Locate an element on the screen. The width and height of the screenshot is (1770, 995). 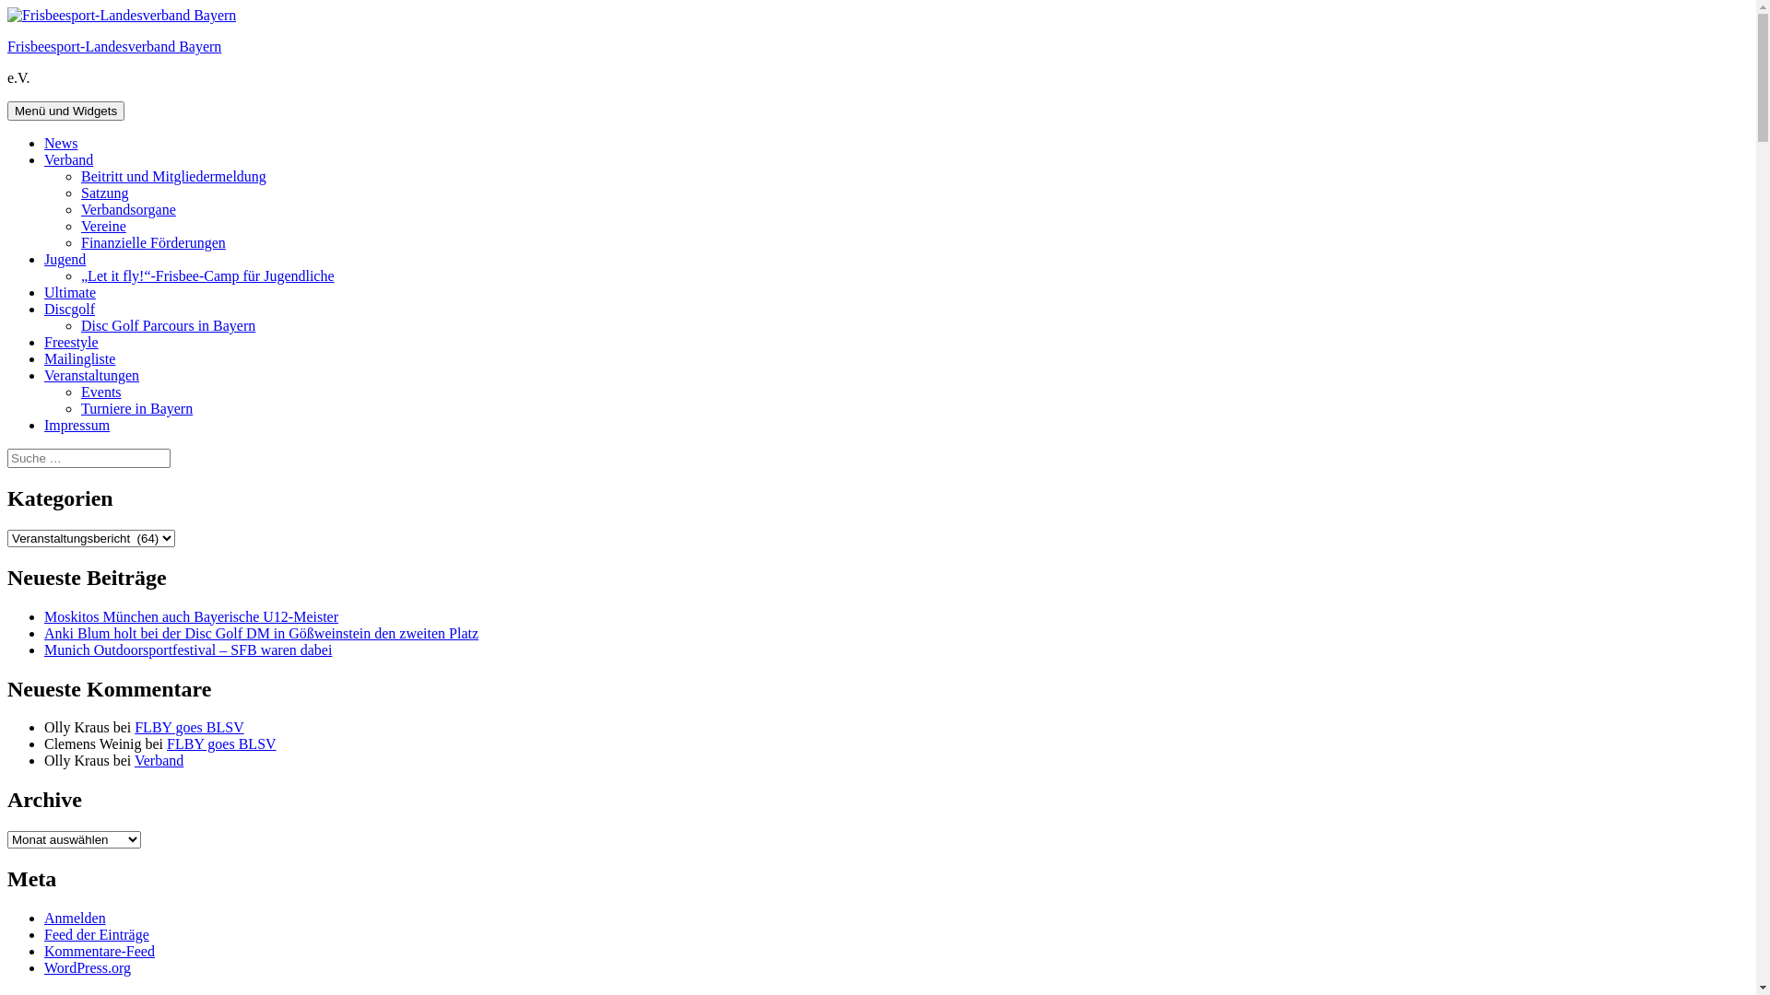
'Verbandsorgane' is located at coordinates (127, 208).